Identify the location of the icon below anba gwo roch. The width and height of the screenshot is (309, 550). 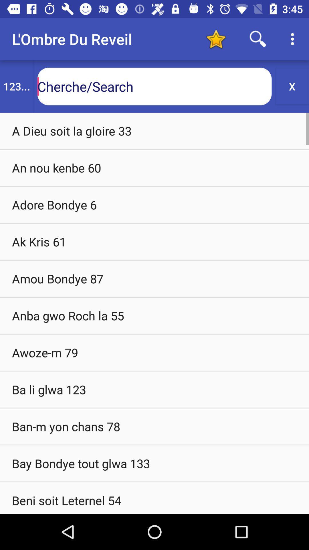
(154, 352).